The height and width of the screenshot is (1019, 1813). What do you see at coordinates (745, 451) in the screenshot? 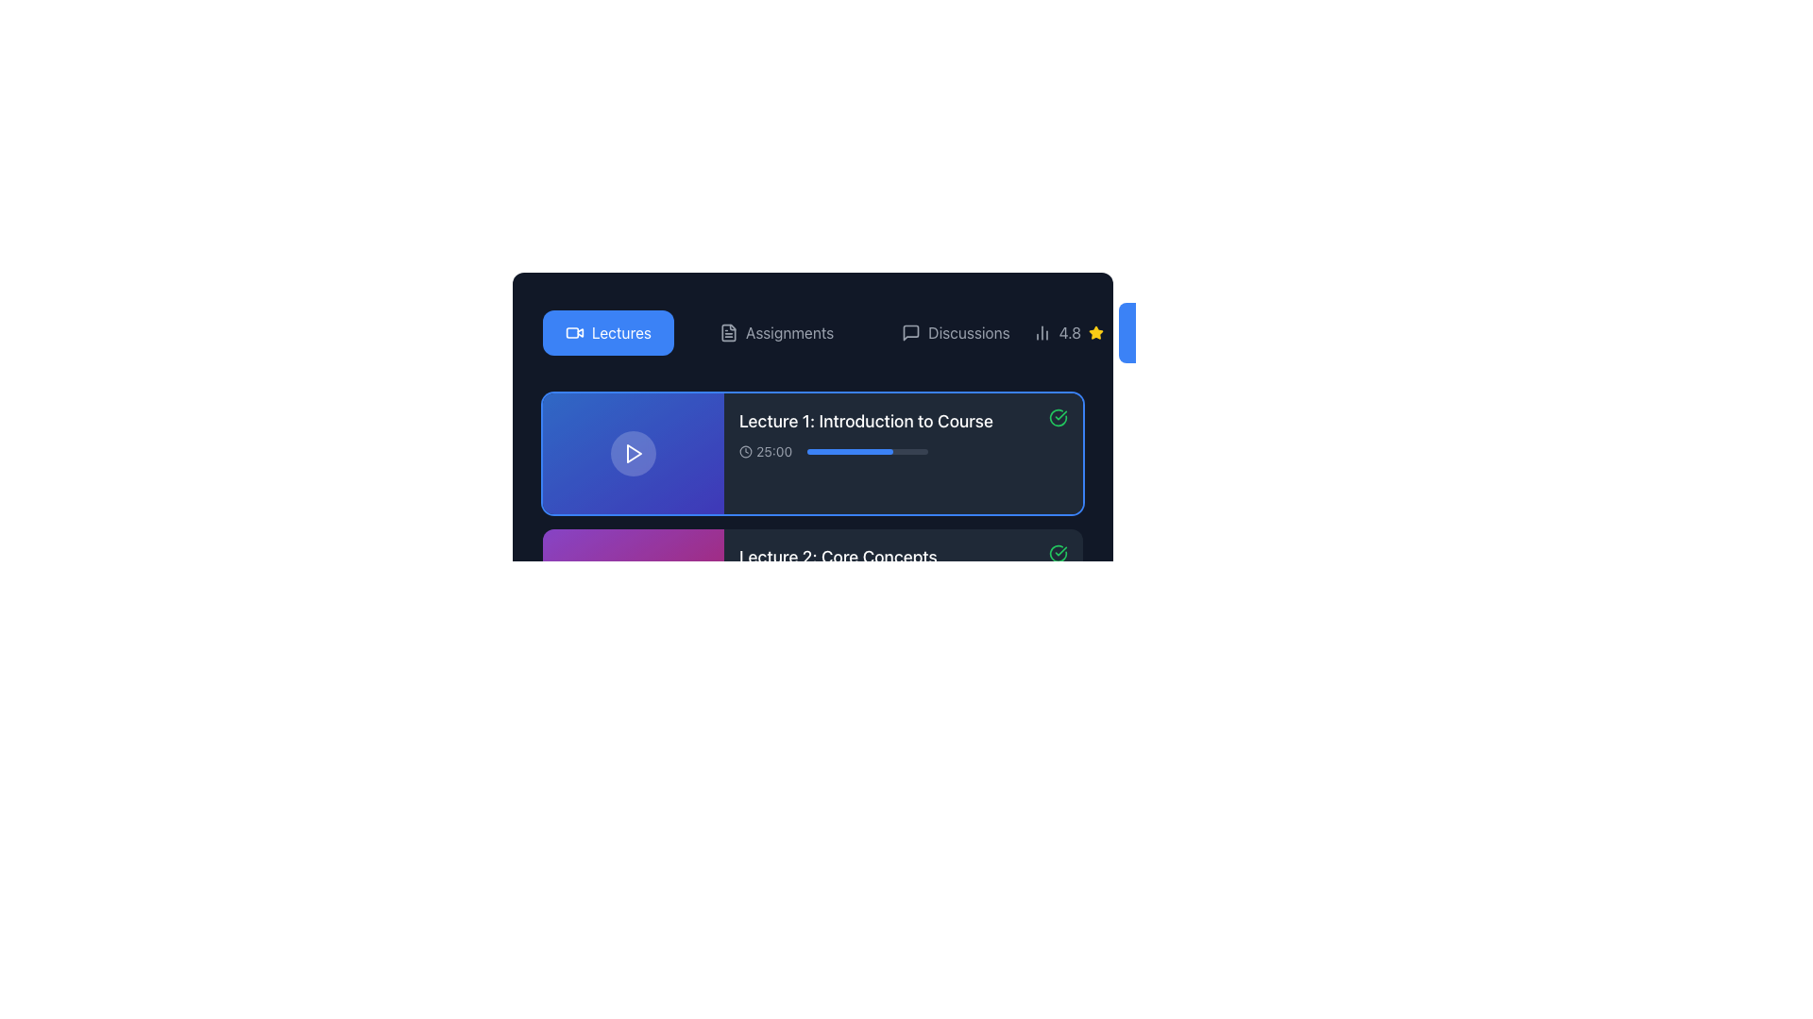
I see `the circular graphical element that is part of the clock icon located in the menu bar near the progress bar for the first lecture content` at bounding box center [745, 451].